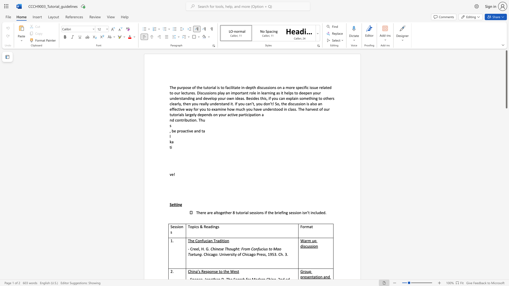  Describe the element at coordinates (506, 193) in the screenshot. I see `the scrollbar on the right to shift the page lower` at that location.